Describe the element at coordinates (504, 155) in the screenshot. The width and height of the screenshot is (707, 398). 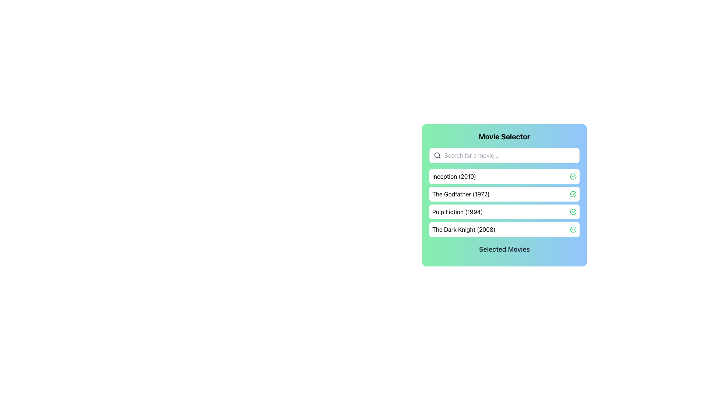
I see `the search input field located below the title 'Movie Selector' to focus it for typing movie titles` at that location.